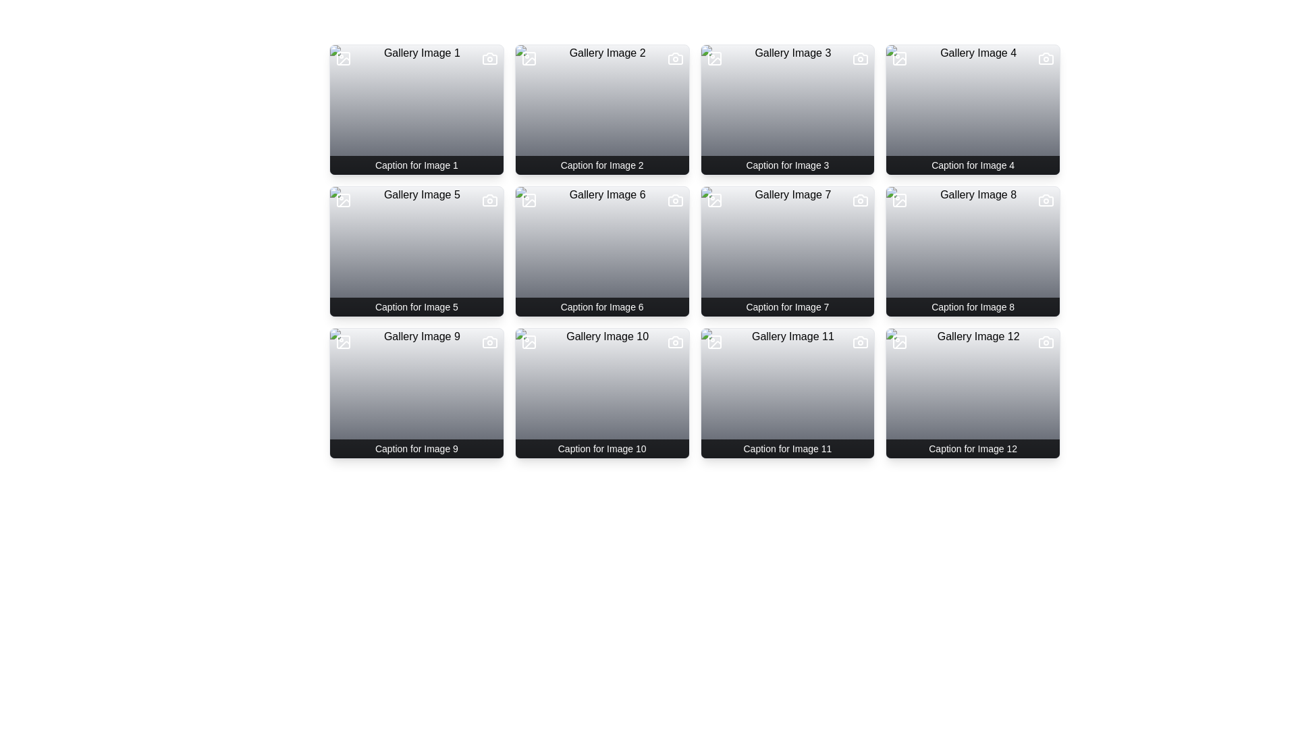 The width and height of the screenshot is (1296, 729). What do you see at coordinates (489, 200) in the screenshot?
I see `the camera icon button located in the top-right corner of the thumbnail for 'Gallery Image 5'` at bounding box center [489, 200].